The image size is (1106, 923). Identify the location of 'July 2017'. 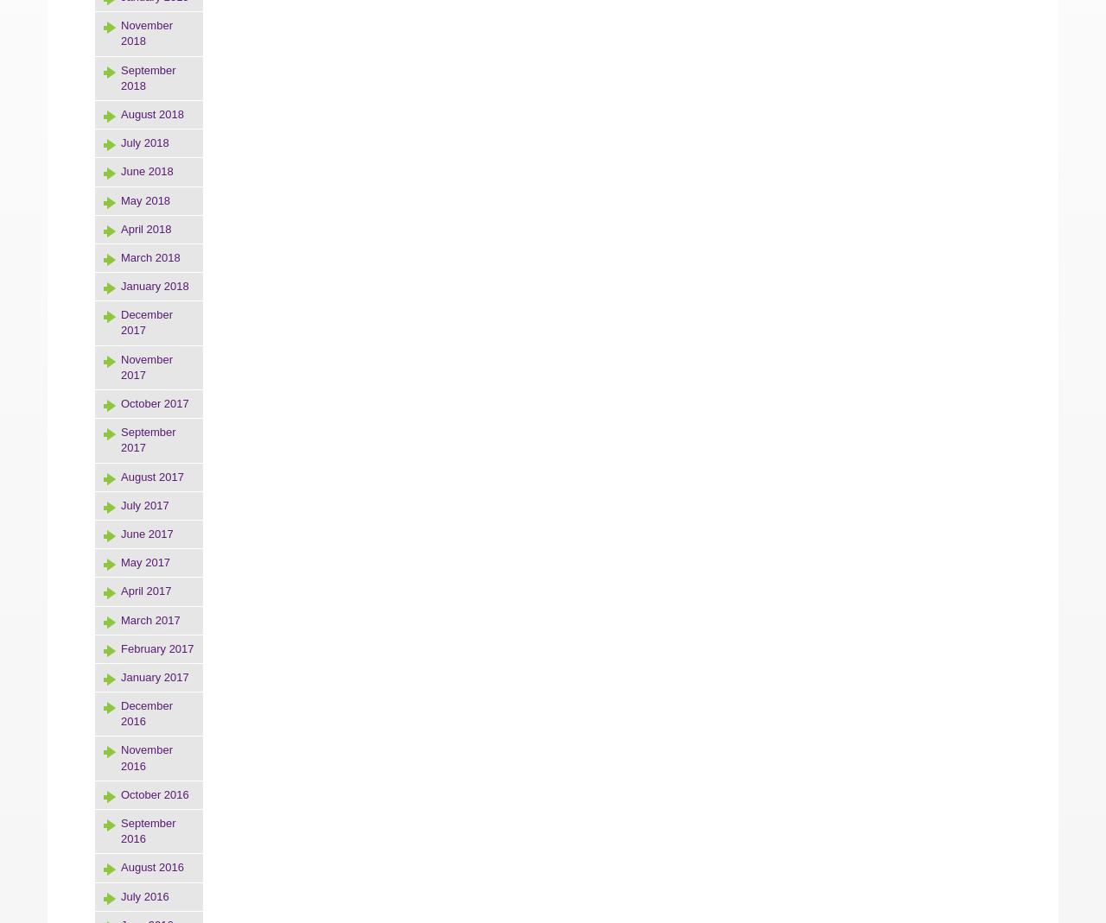
(144, 504).